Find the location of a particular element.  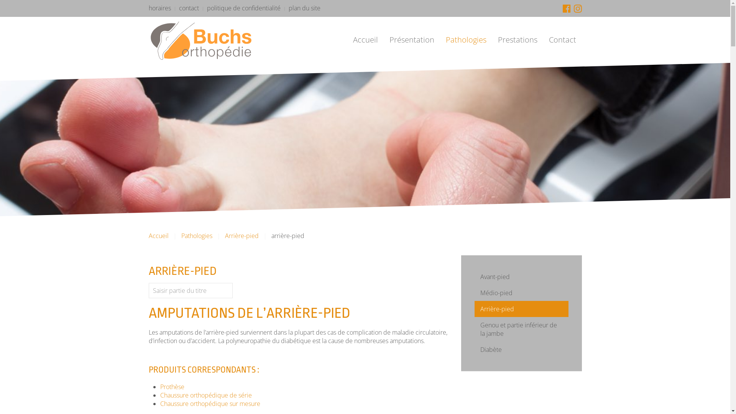

'Pathologies' is located at coordinates (465, 40).